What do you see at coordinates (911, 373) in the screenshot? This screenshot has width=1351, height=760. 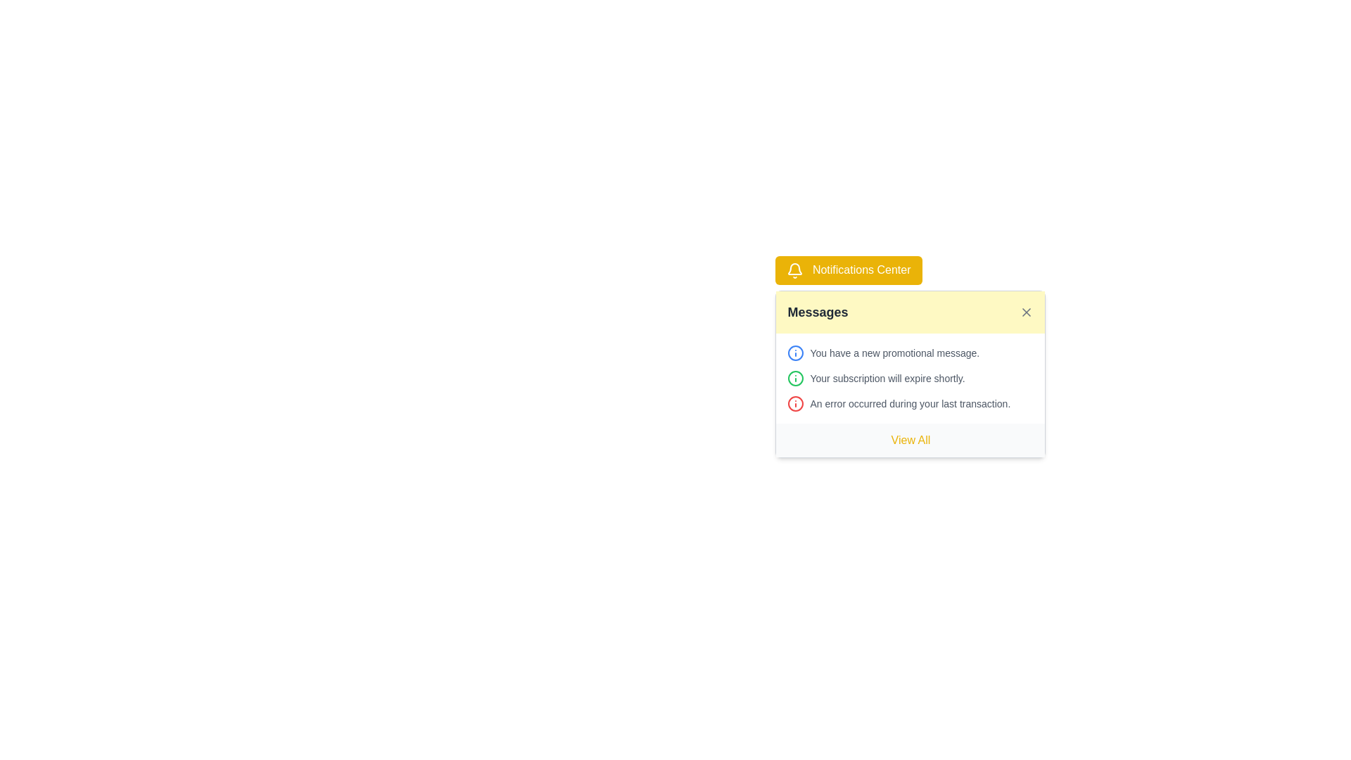 I see `information listed in the 'Messages' notification modal, which displays promotional messages, subscription expiration, and an error, located below the 'Notifications Center' button` at bounding box center [911, 373].